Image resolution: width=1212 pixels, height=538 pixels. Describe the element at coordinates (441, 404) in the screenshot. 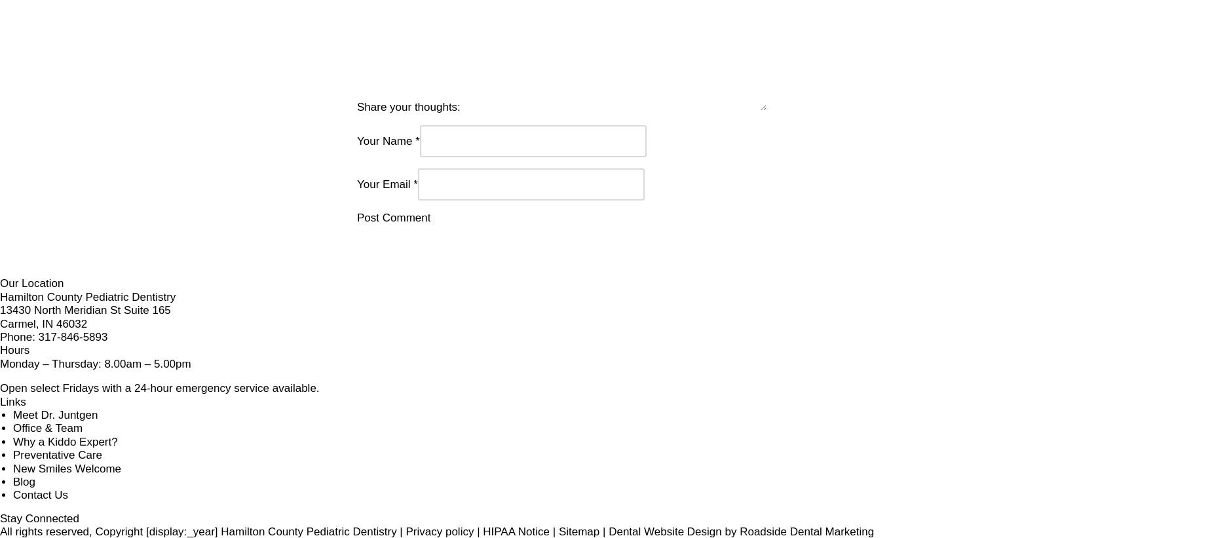

I see `'Monday – Thursday: 8.00am – 5.00pm'` at that location.